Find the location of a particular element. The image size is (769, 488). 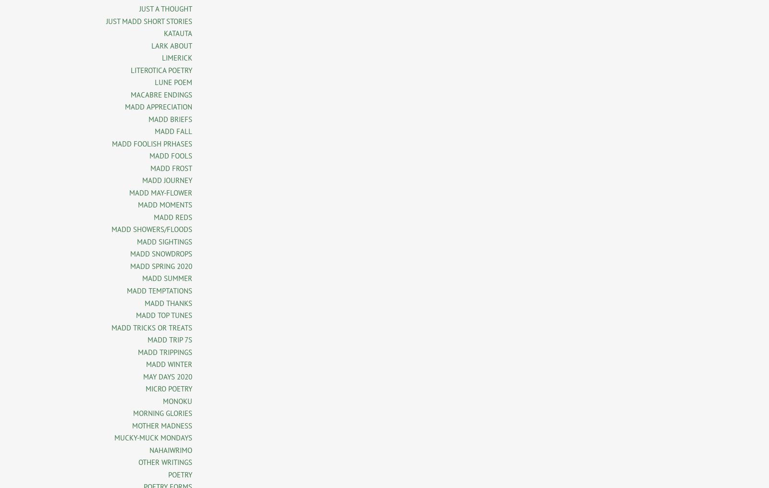

'OTHER WRITINGS' is located at coordinates (165, 462).